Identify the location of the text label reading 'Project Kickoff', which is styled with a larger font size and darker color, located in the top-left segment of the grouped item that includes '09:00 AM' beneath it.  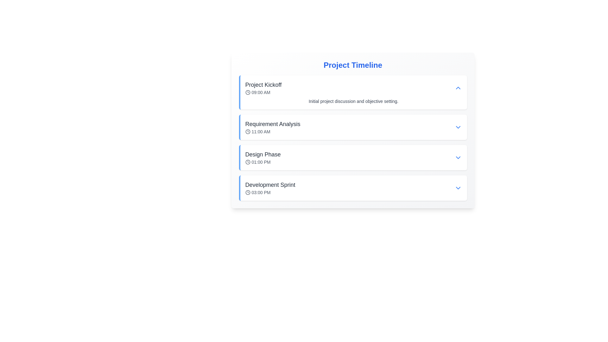
(263, 84).